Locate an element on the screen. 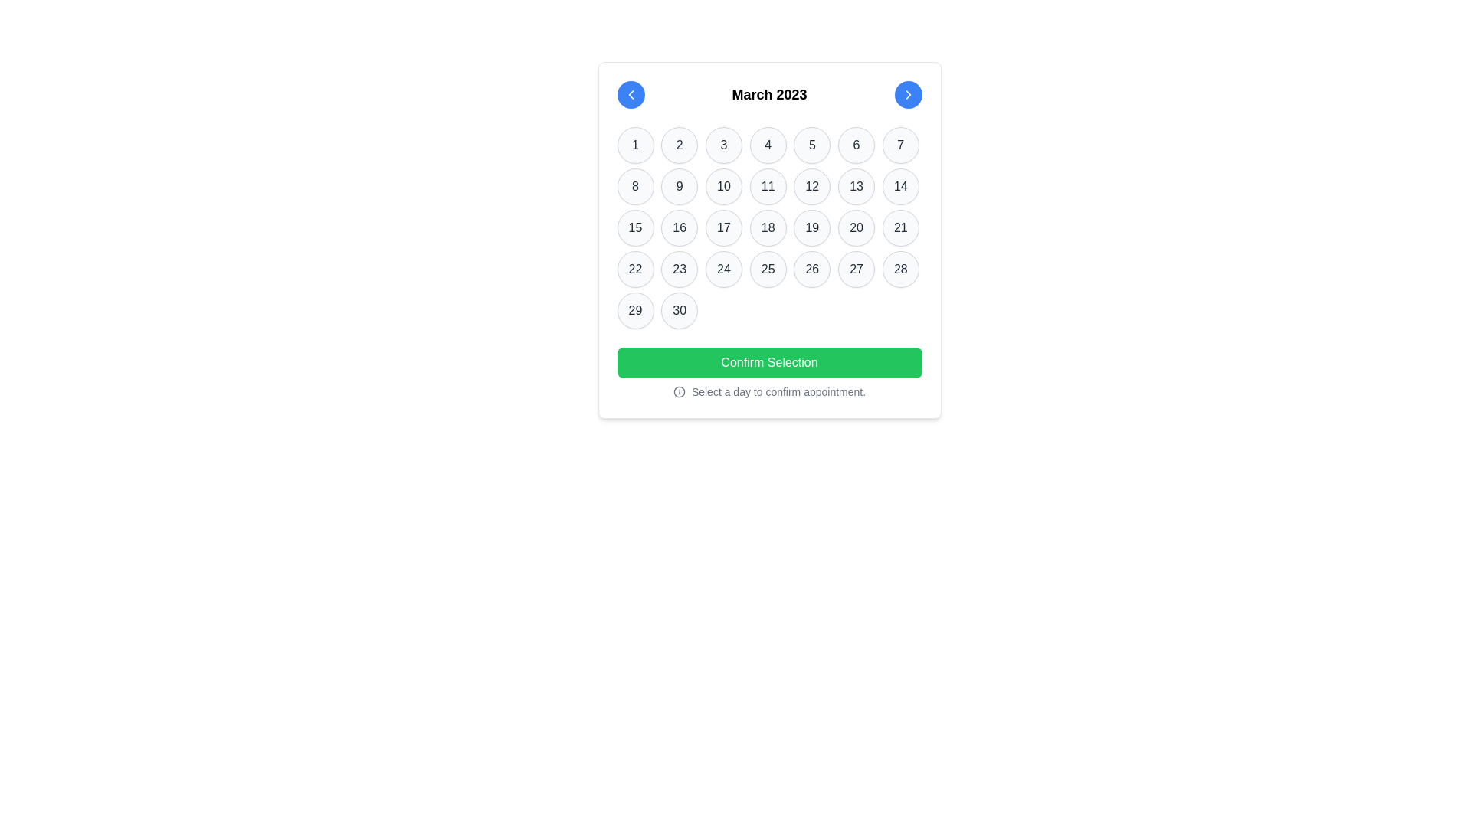 This screenshot has width=1471, height=827. the circular button labeled with a number in the grid layout of the calendar-style interface titled 'March 2023' is located at coordinates (769, 227).